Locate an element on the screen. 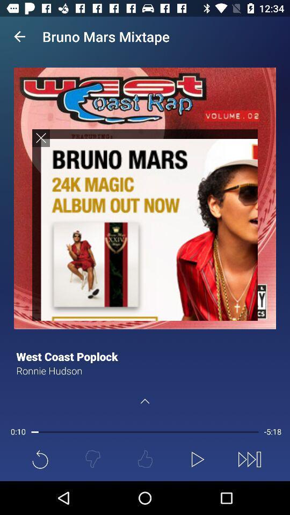 This screenshot has height=515, width=290. the reload icon at the bottom left is located at coordinates (40, 459).